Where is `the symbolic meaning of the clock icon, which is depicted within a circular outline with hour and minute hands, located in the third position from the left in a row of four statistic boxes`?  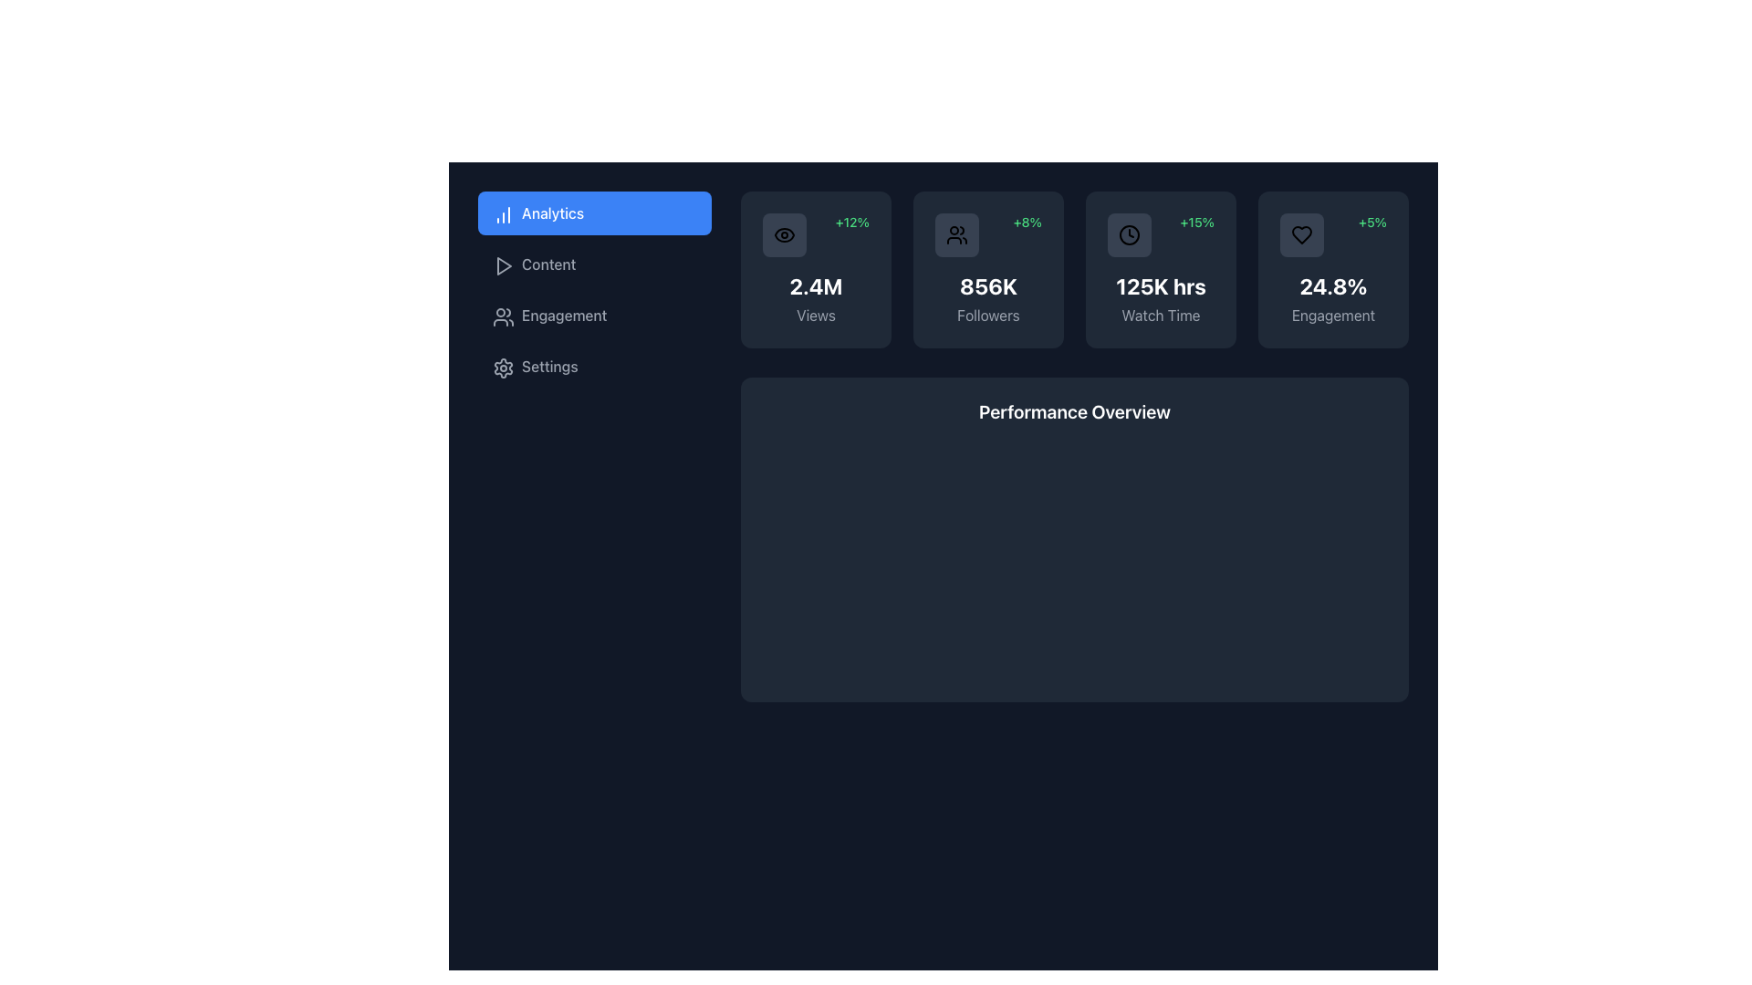
the symbolic meaning of the clock icon, which is depicted within a circular outline with hour and minute hands, located in the third position from the left in a row of four statistic boxes is located at coordinates (1129, 234).